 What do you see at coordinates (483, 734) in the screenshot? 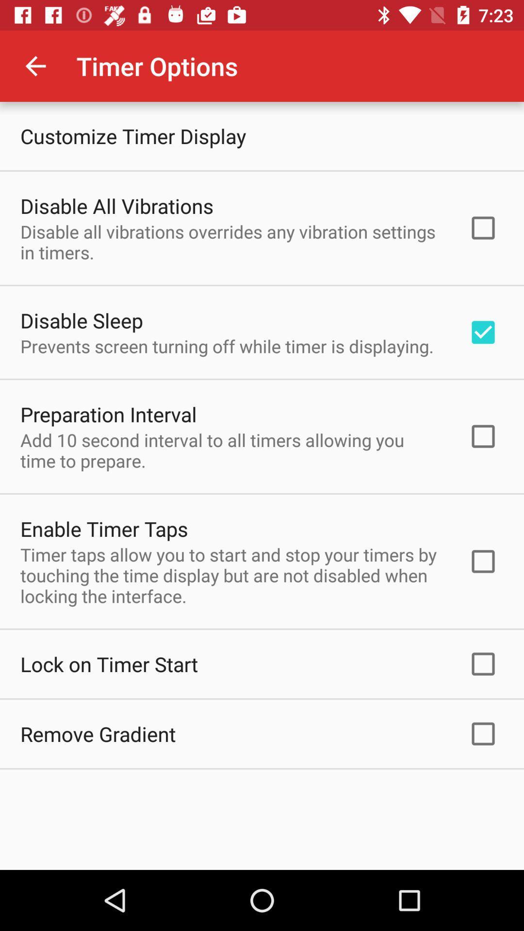
I see `the box symbol which is right hand side of the text remove graident` at bounding box center [483, 734].